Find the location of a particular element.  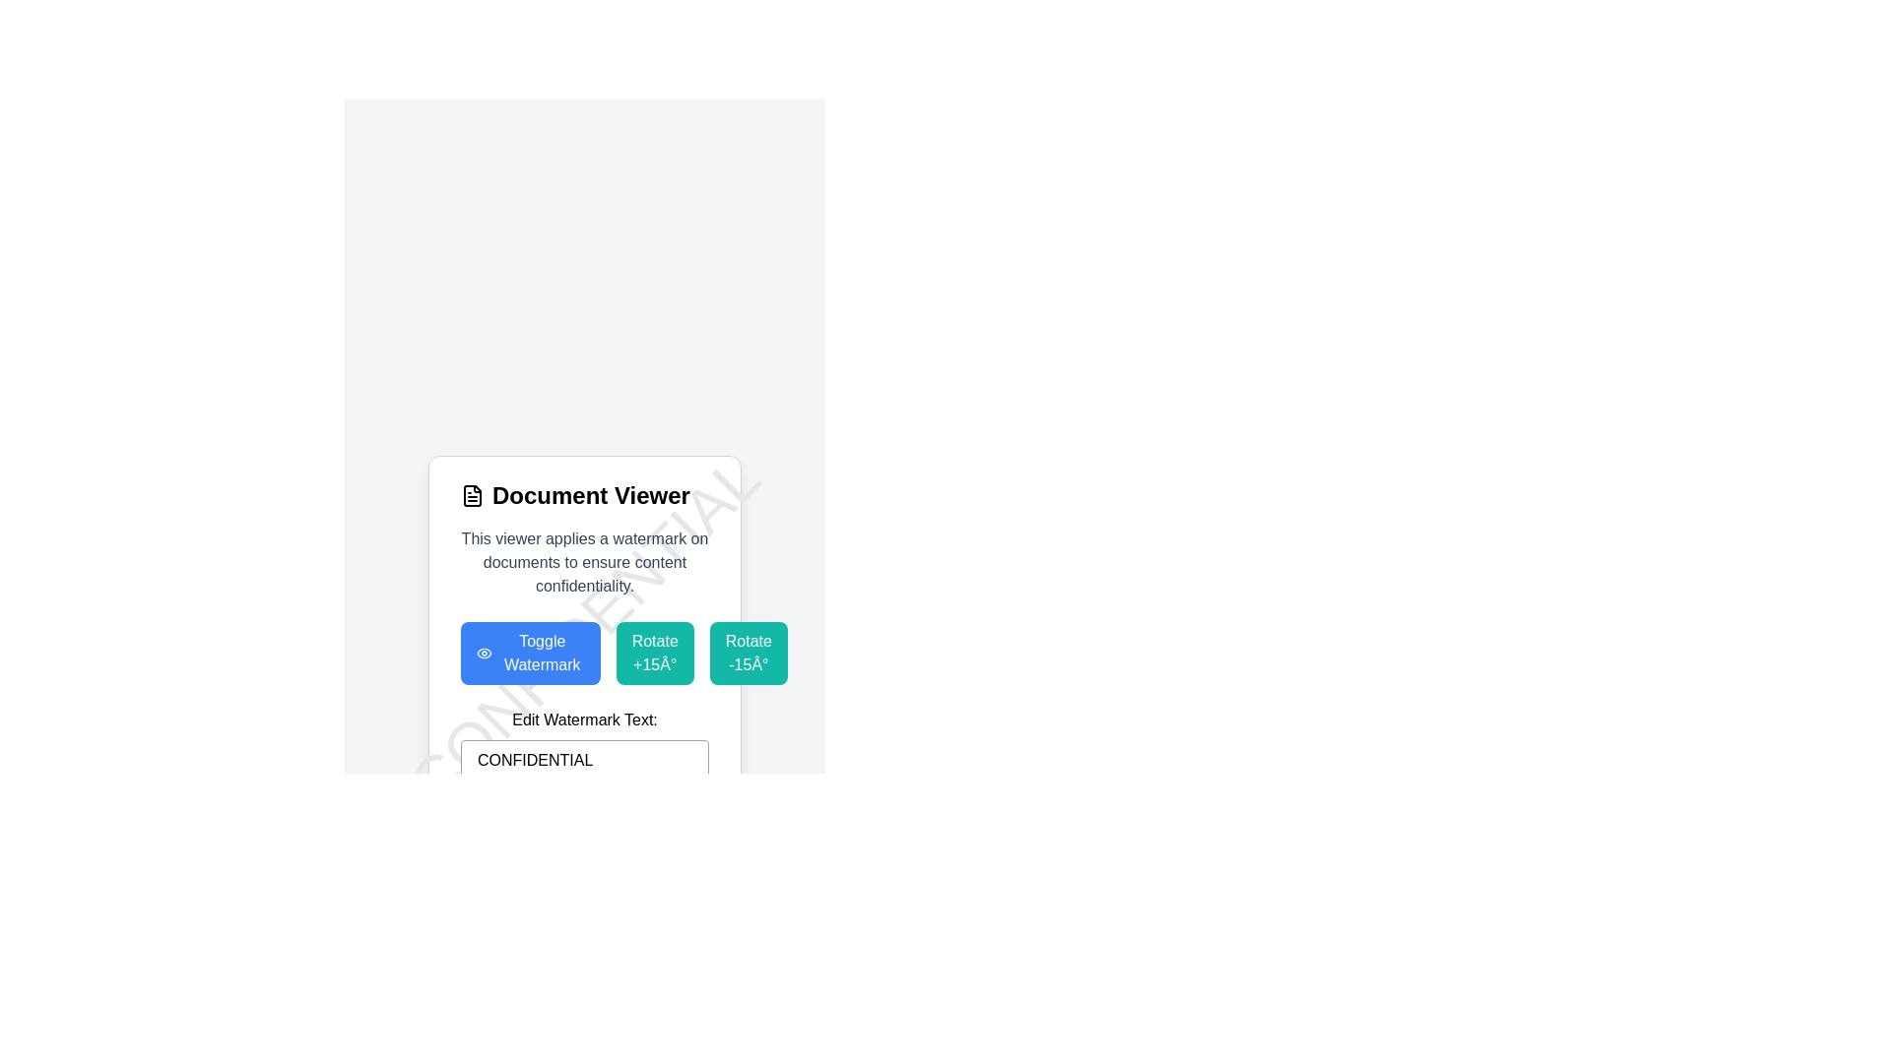

the text label that displays 'Edit Watermark Text:' located prominently above the interactive text input field in the 'mt-6' section is located at coordinates (584, 720).